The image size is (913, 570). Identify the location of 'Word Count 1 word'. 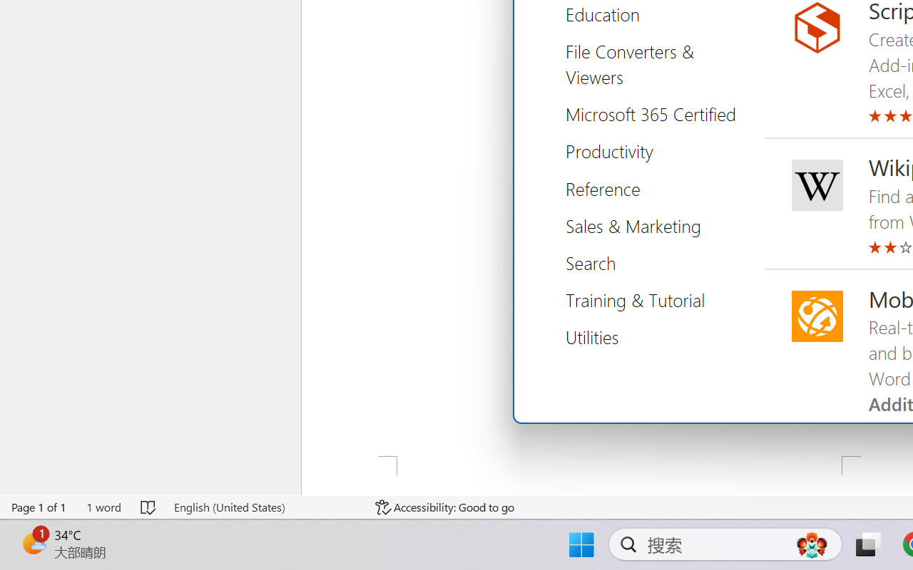
(103, 507).